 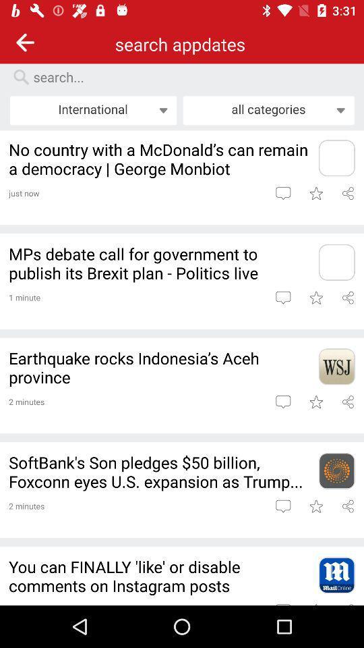 I want to click on switch auto play option, so click(x=348, y=298).